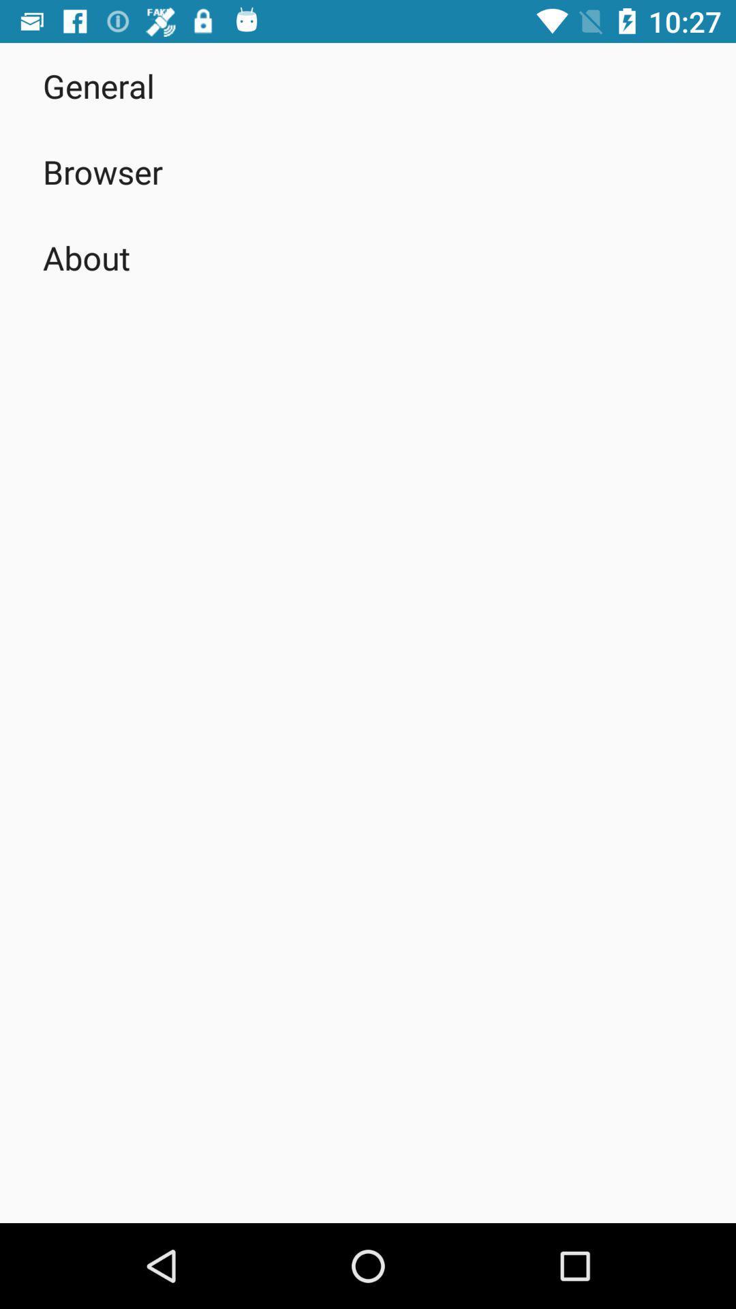 The image size is (736, 1309). Describe the element at coordinates (102, 171) in the screenshot. I see `browser item` at that location.